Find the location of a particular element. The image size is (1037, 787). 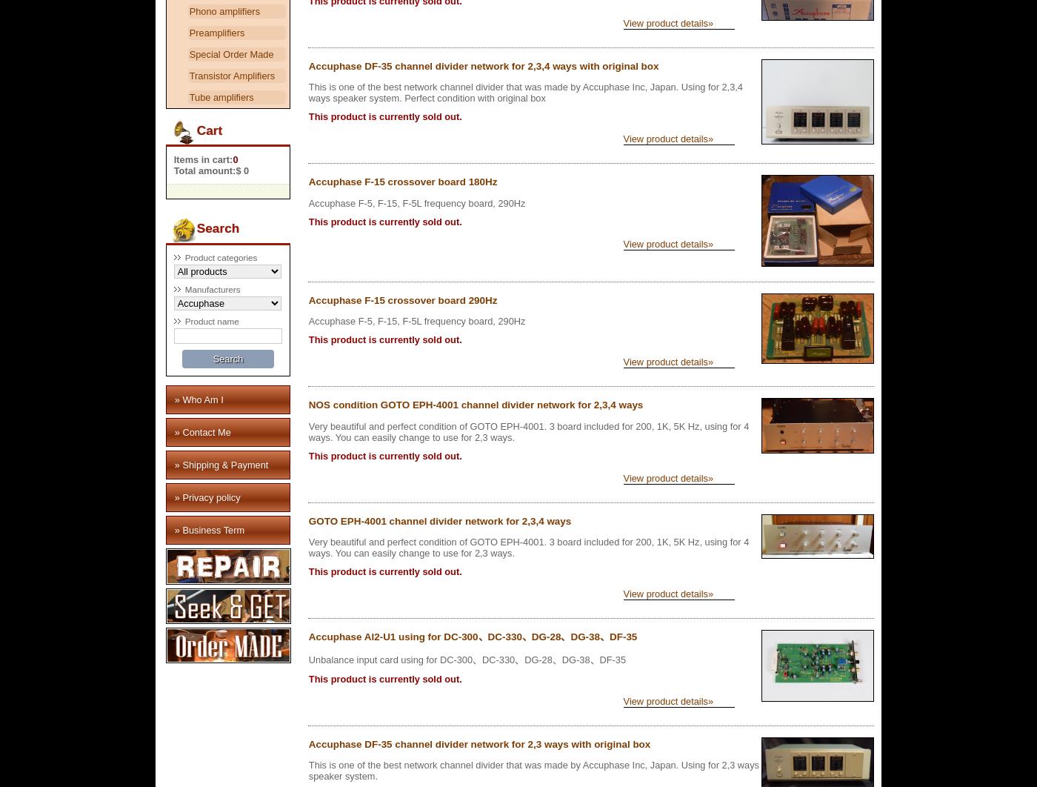

'Accuphase DF-35 channel divider network for 2,3 ways with original box' is located at coordinates (307, 743).